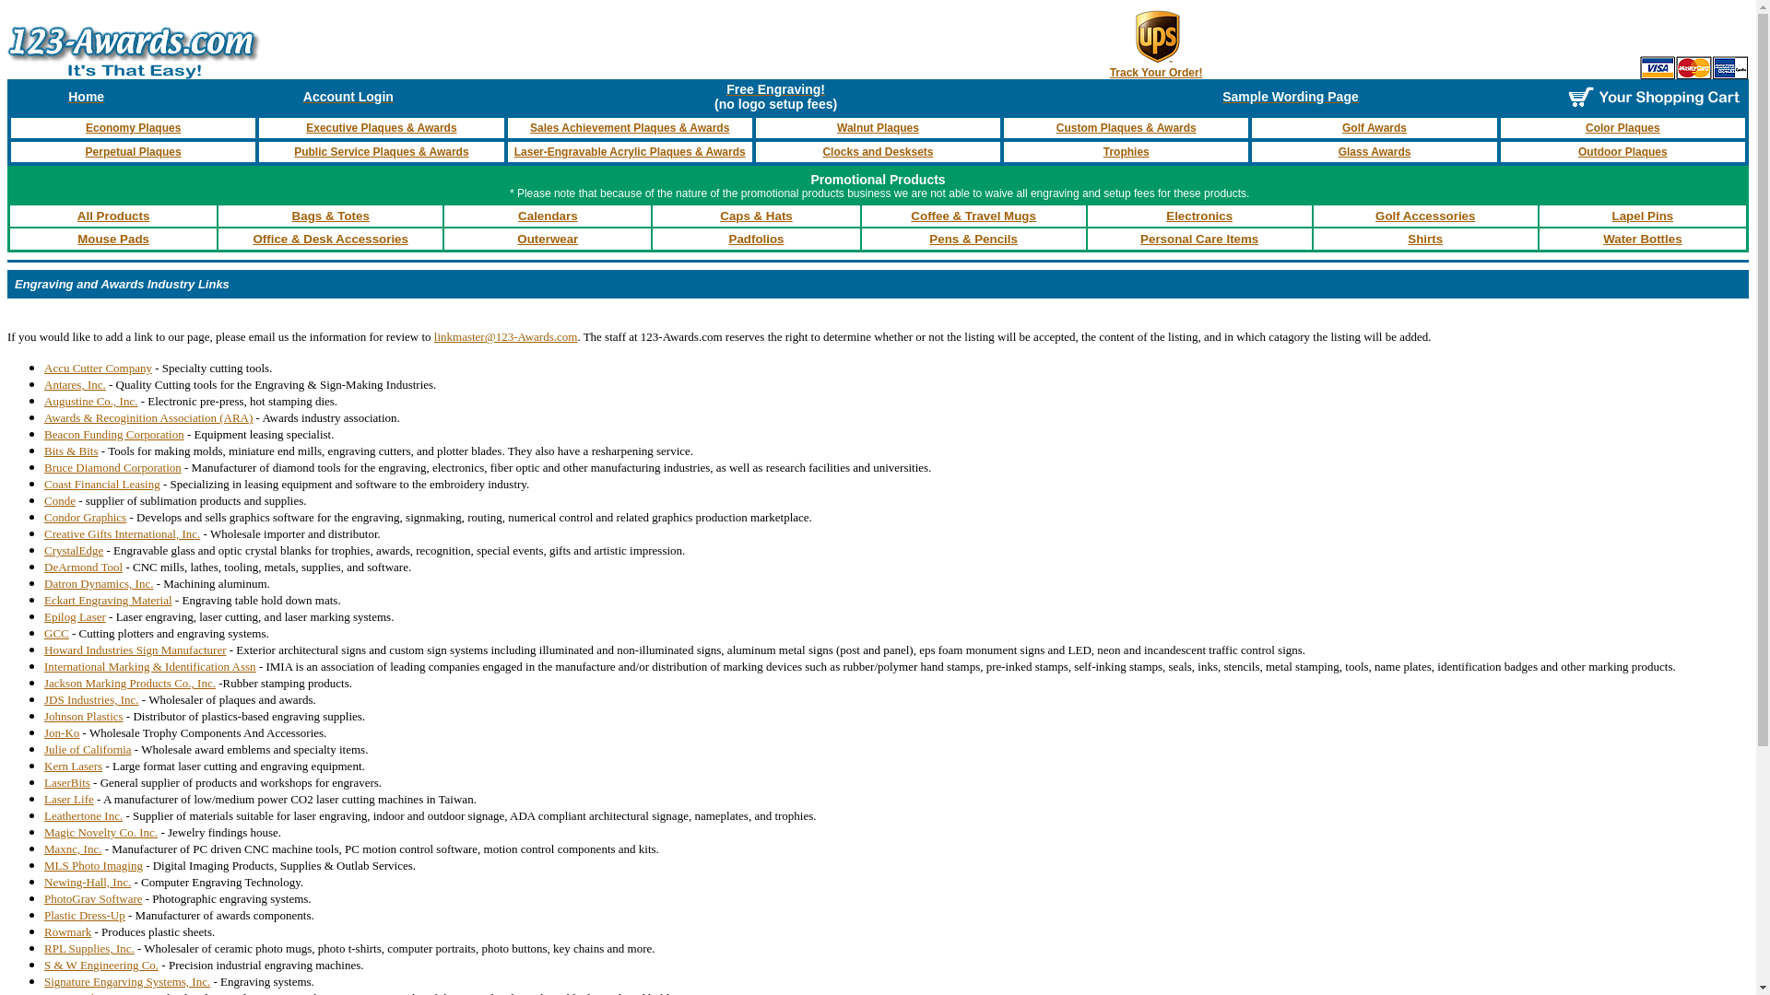 The image size is (1770, 995). Describe the element at coordinates (728, 238) in the screenshot. I see `'Padfolios'` at that location.